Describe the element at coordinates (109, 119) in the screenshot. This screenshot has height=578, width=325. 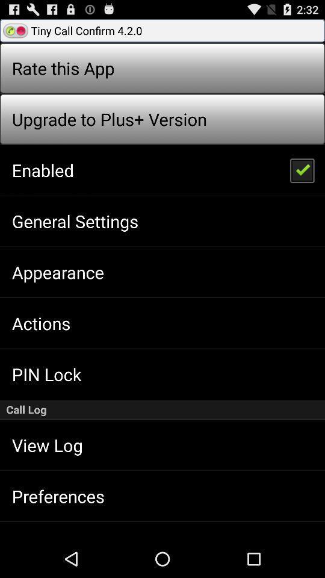
I see `the app above the enabled` at that location.